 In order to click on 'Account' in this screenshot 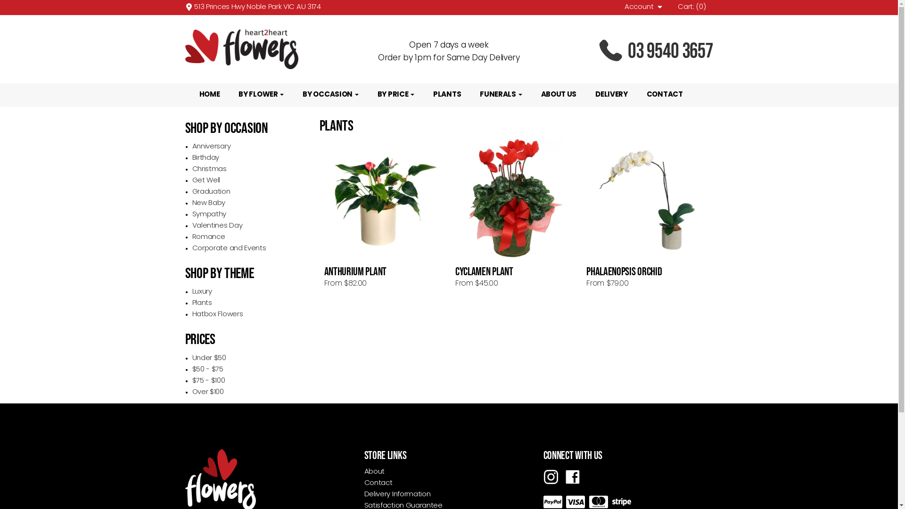, I will do `click(644, 7)`.